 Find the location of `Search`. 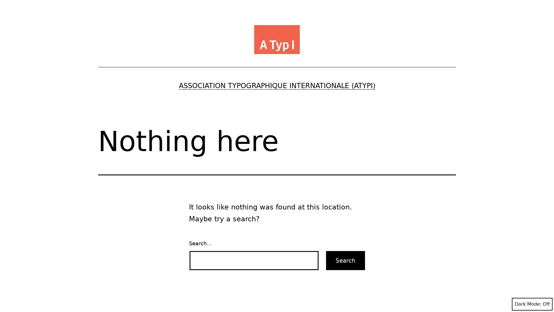

Search is located at coordinates (345, 260).